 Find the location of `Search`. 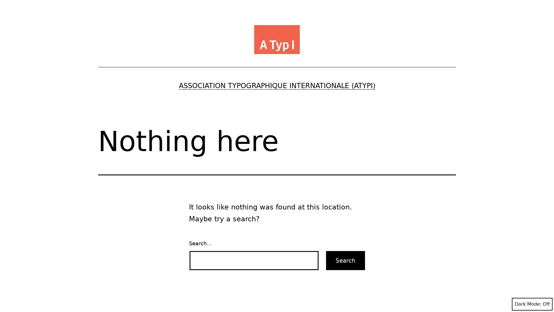

Search is located at coordinates (345, 260).